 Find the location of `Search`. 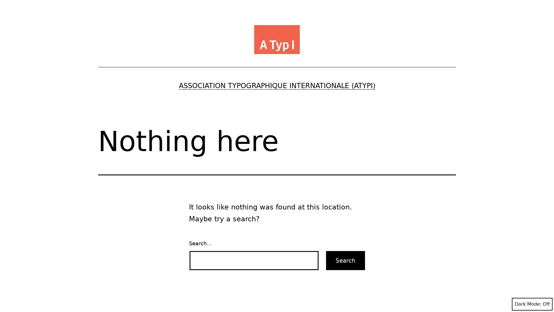

Search is located at coordinates (345, 260).